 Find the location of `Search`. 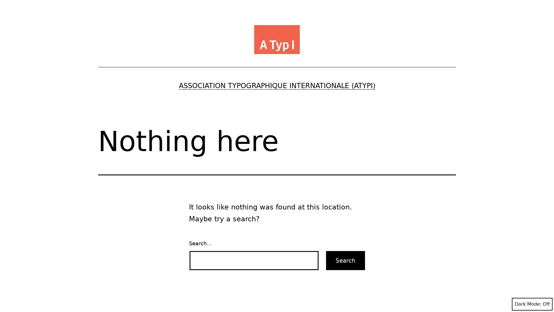

Search is located at coordinates (345, 260).